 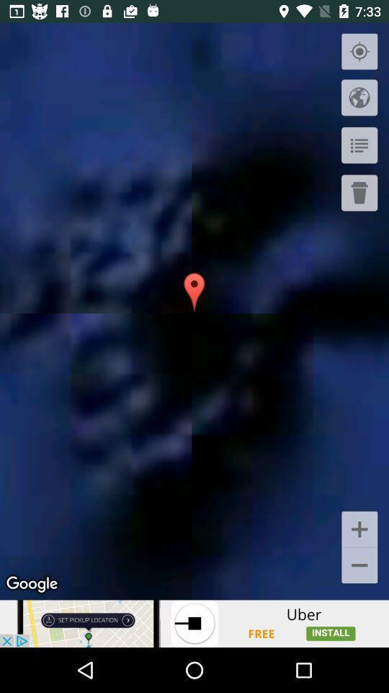 What do you see at coordinates (359, 192) in the screenshot?
I see `click the delete button` at bounding box center [359, 192].